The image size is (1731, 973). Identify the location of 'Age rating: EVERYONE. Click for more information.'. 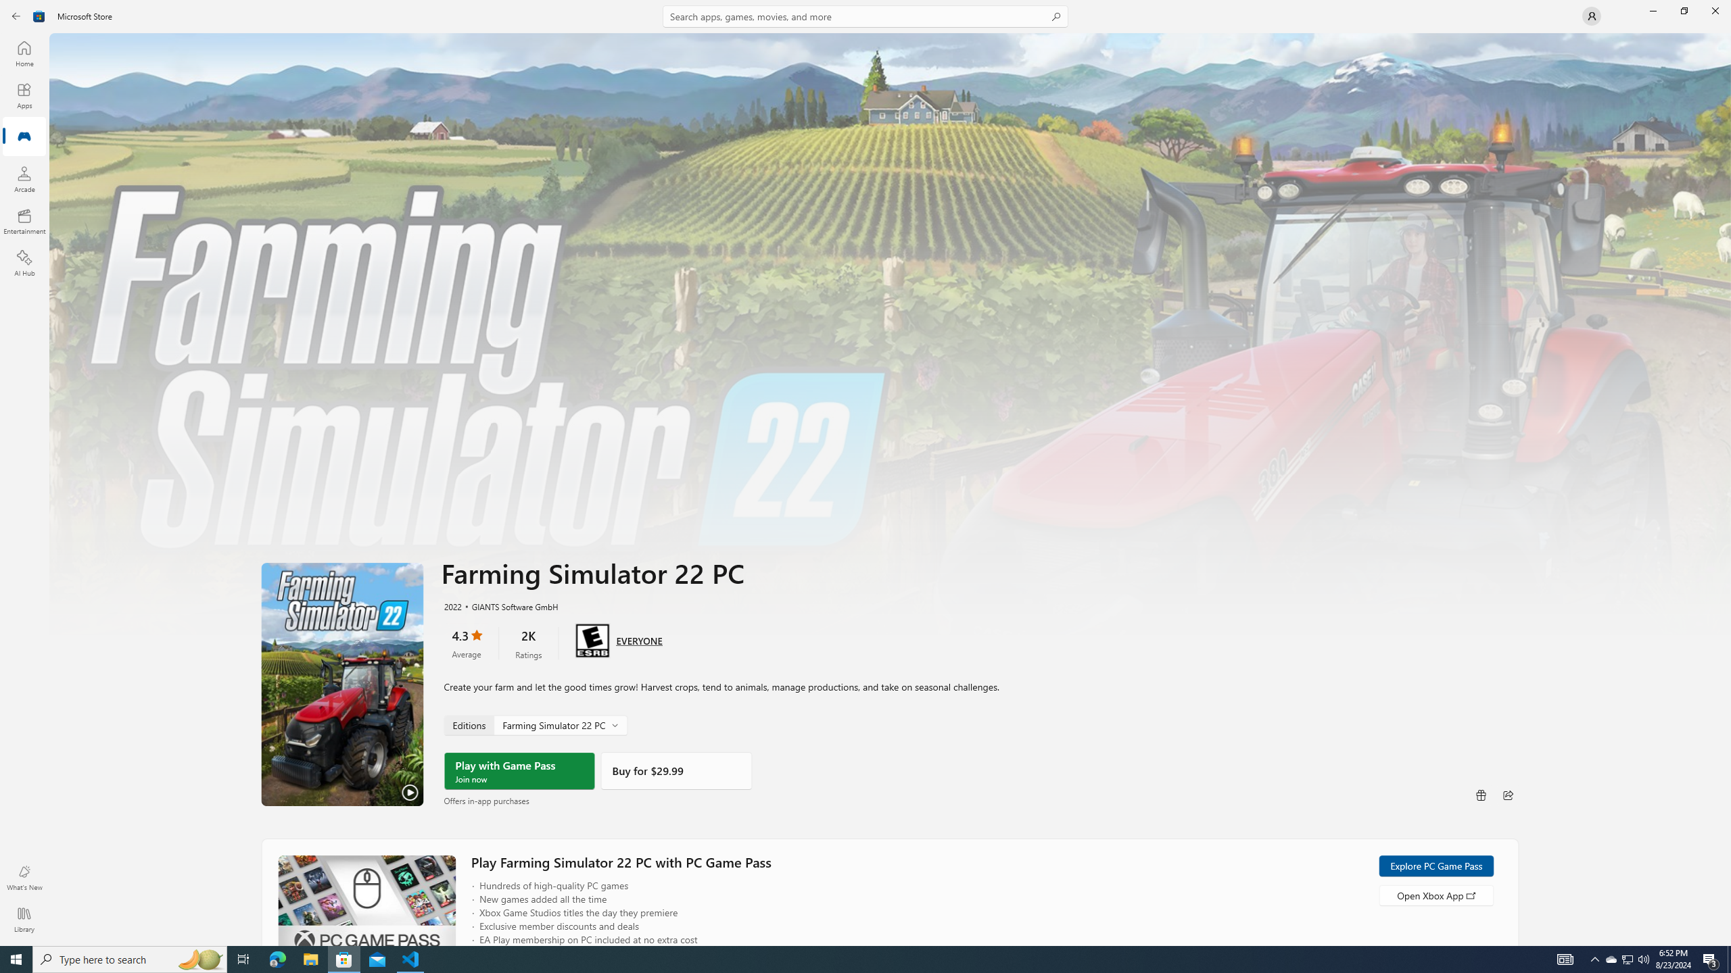
(638, 639).